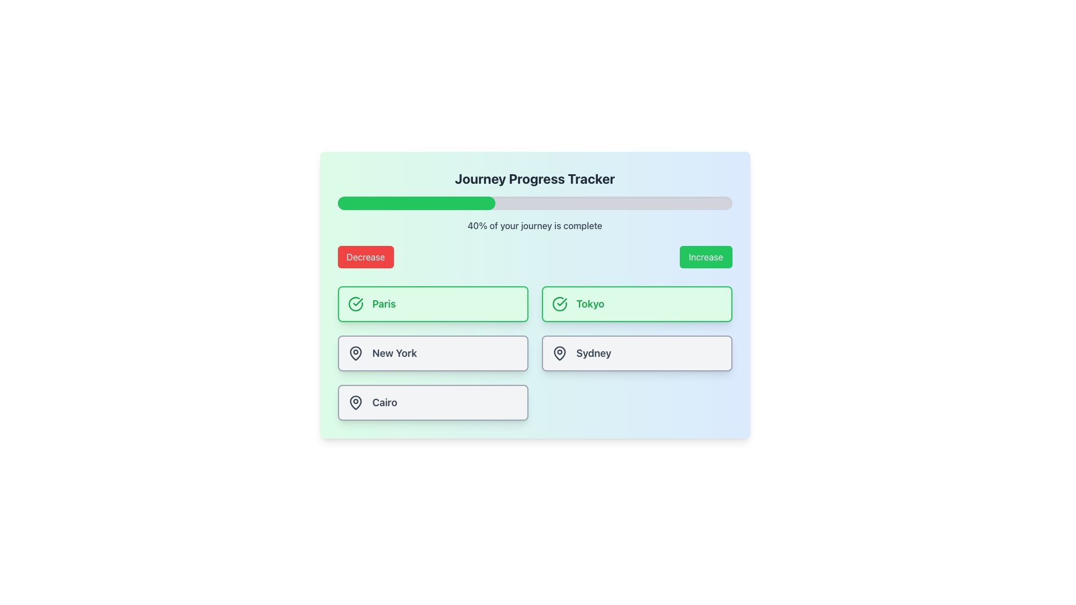 The width and height of the screenshot is (1076, 605). Describe the element at coordinates (432, 353) in the screenshot. I see `the card representing a city located` at that location.